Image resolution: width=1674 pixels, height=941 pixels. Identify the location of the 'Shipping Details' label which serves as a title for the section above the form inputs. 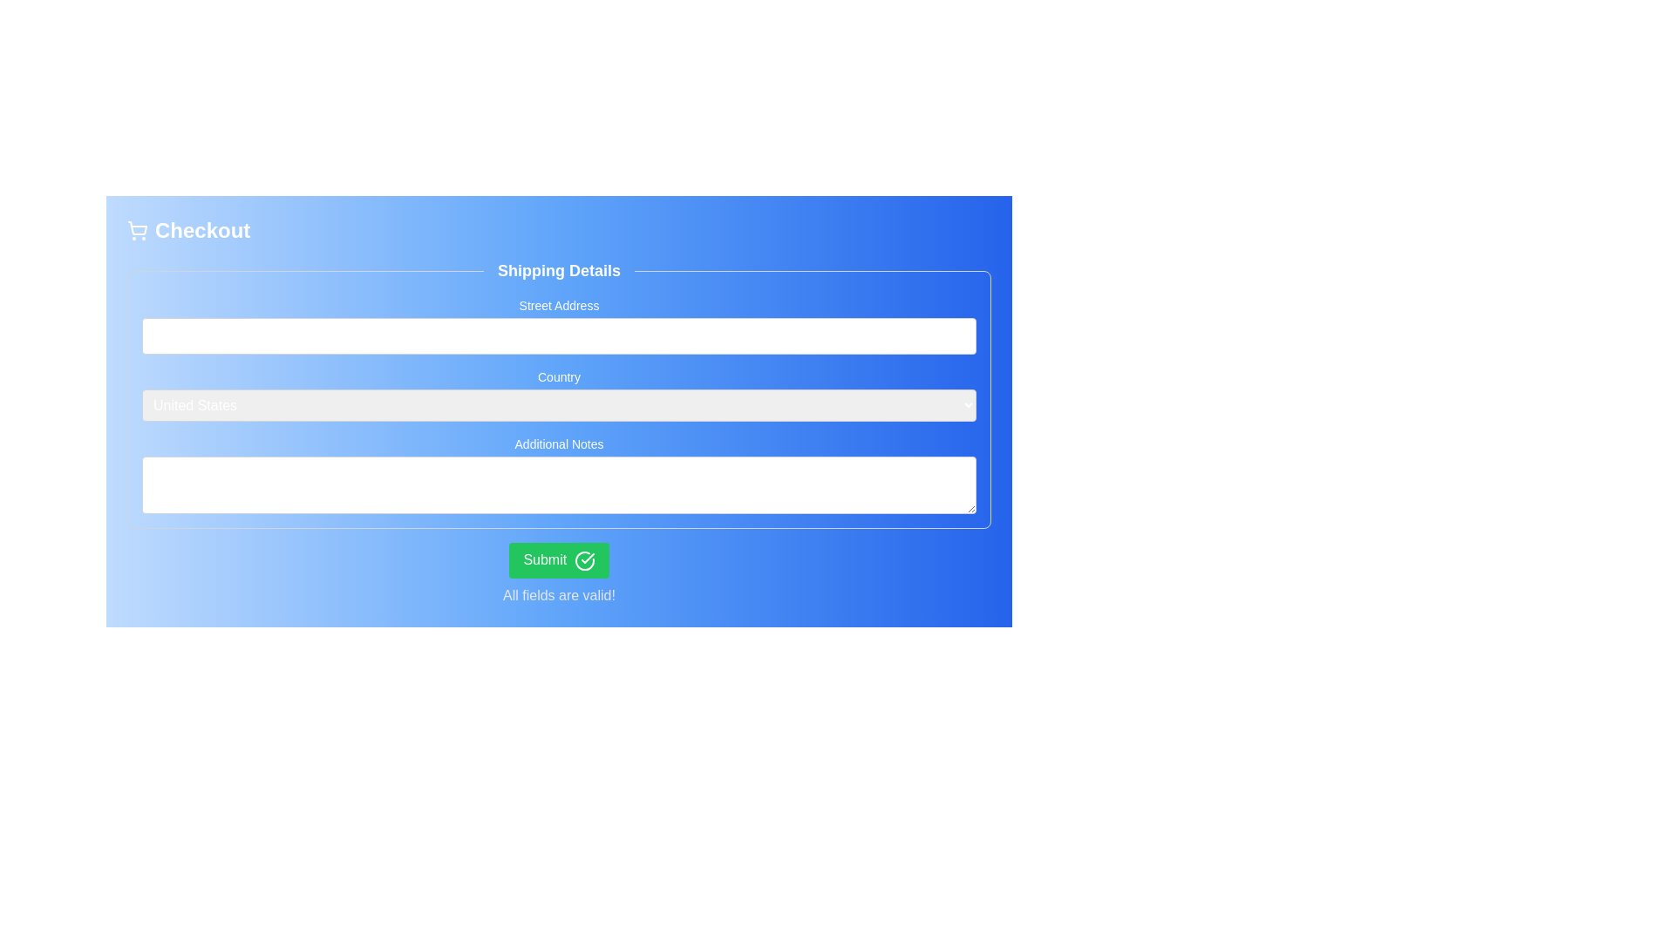
(559, 271).